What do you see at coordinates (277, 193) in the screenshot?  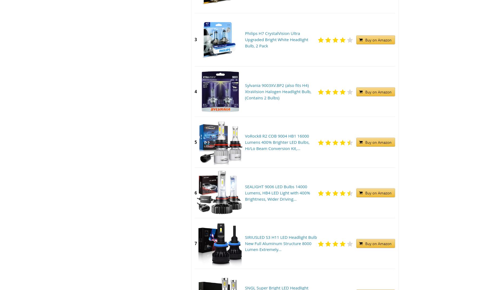 I see `'SEALIGHT 9006 LED Bulbs 14000 Lumens, HB4 LED Light with 400% Brightness, Wider Driving...'` at bounding box center [277, 193].